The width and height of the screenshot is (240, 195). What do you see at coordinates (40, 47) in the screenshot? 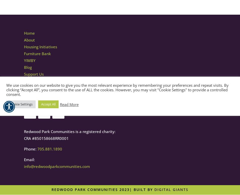
I see `'Housing Initiatives'` at bounding box center [40, 47].